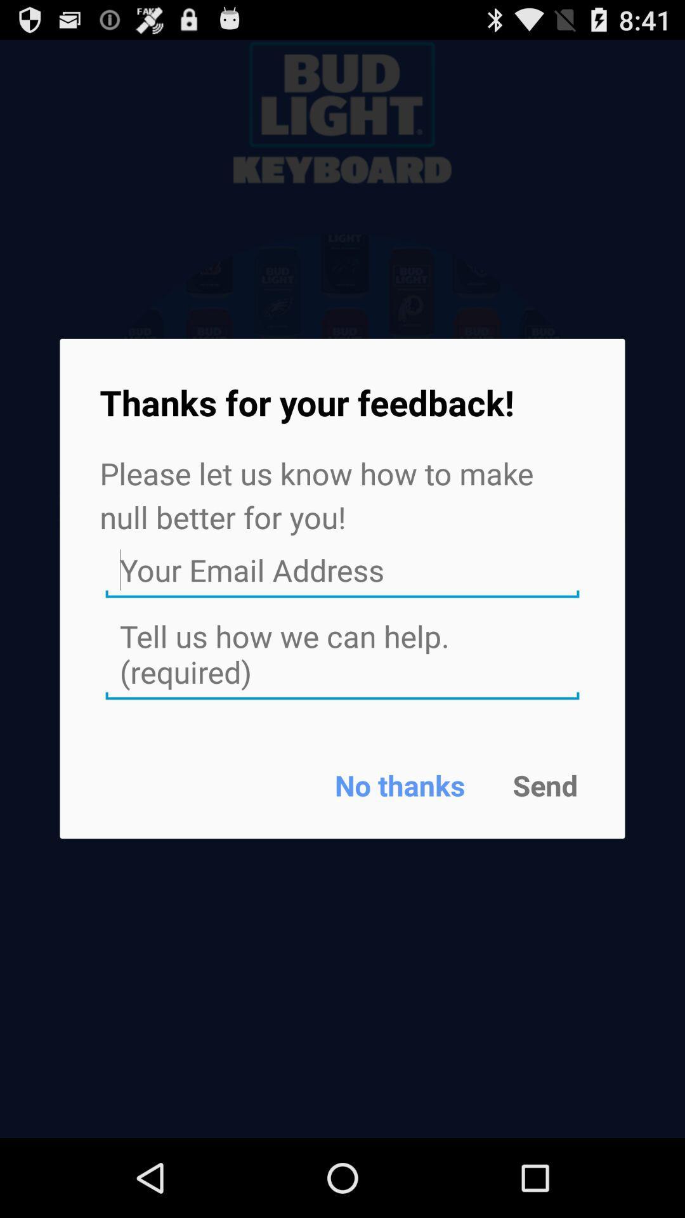 Image resolution: width=685 pixels, height=1218 pixels. What do you see at coordinates (342, 570) in the screenshot?
I see `email address` at bounding box center [342, 570].